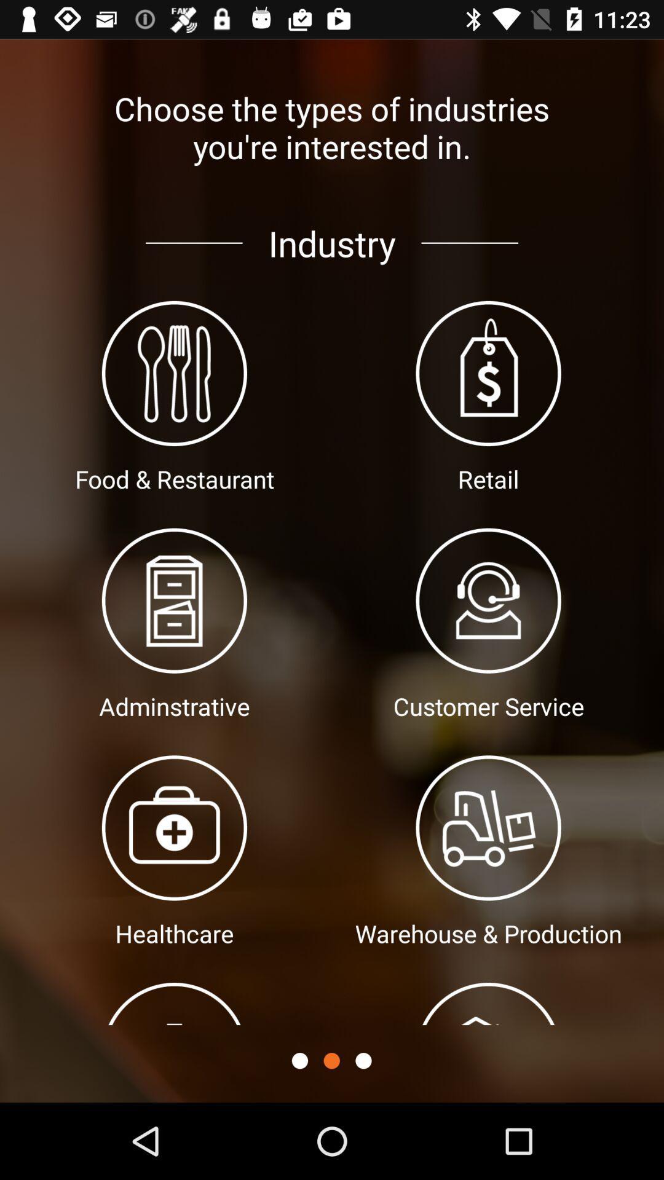  I want to click on button setting icon, so click(299, 1060).